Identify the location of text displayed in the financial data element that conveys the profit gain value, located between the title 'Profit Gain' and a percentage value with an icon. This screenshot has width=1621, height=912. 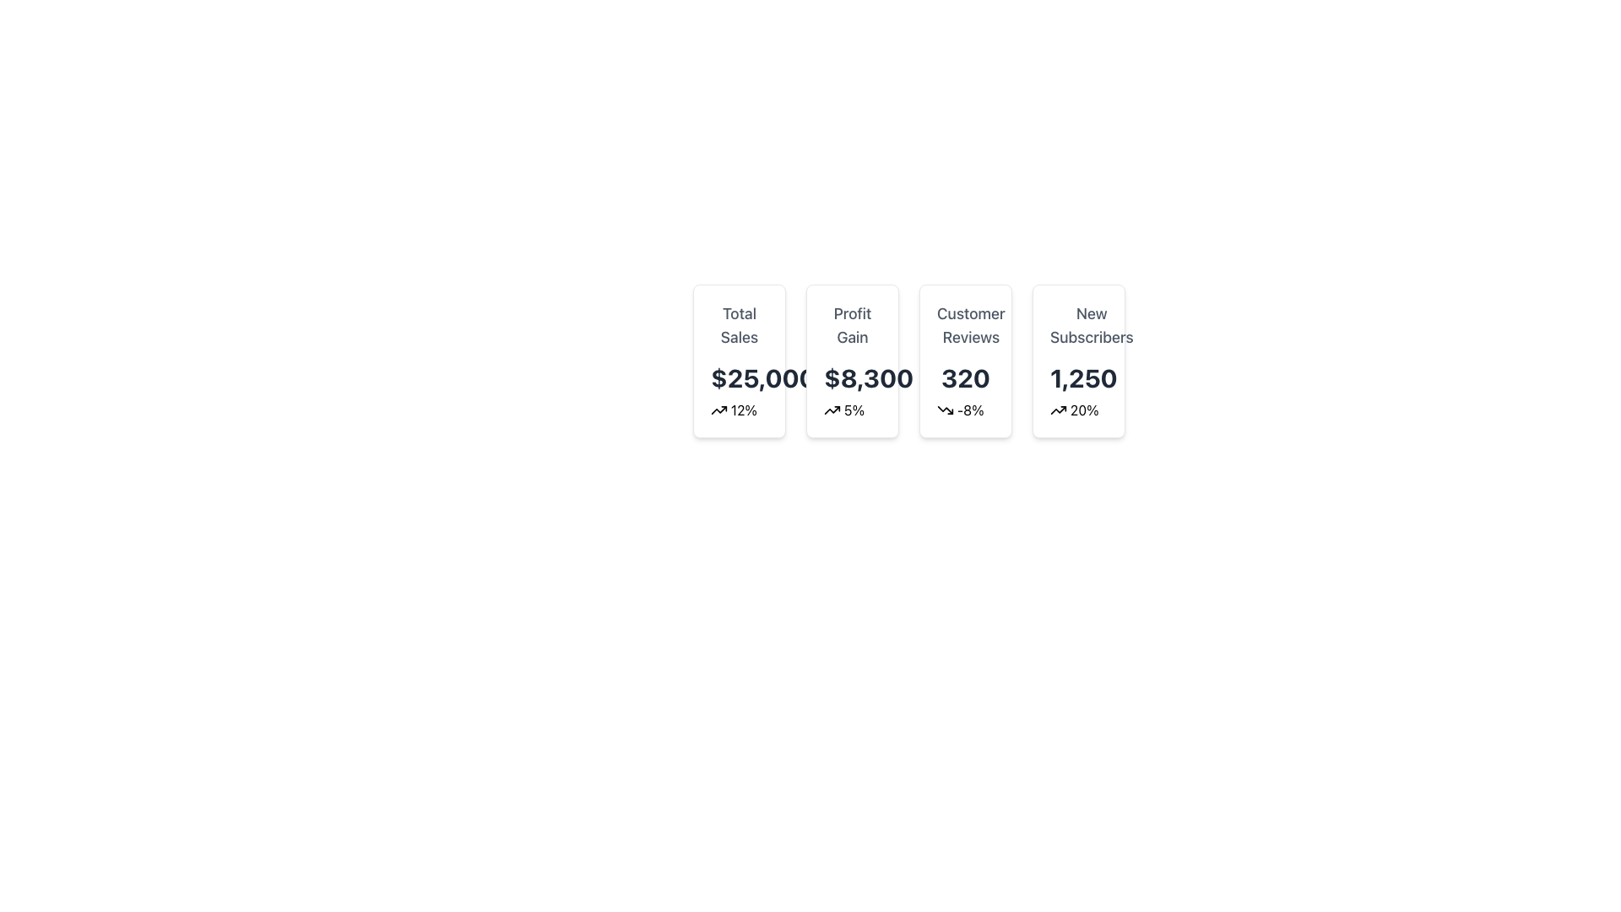
(852, 377).